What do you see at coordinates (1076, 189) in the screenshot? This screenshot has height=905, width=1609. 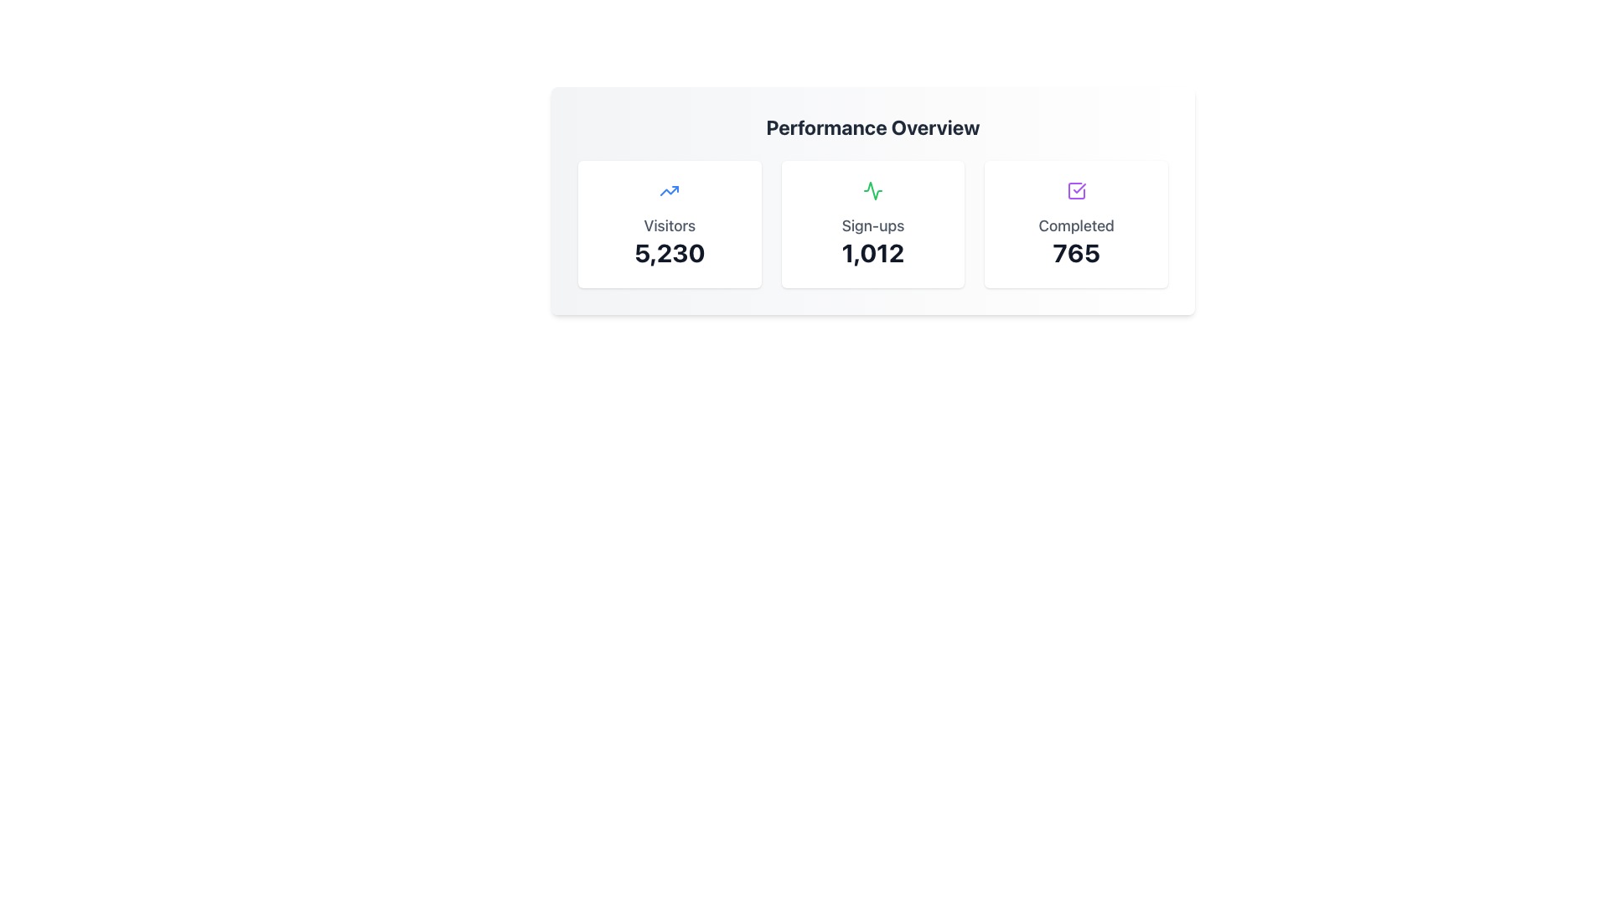 I see `the SVG icon representing the 'Completed' count in the Performance Overview section, located on the far-right side of the statistics card` at bounding box center [1076, 189].